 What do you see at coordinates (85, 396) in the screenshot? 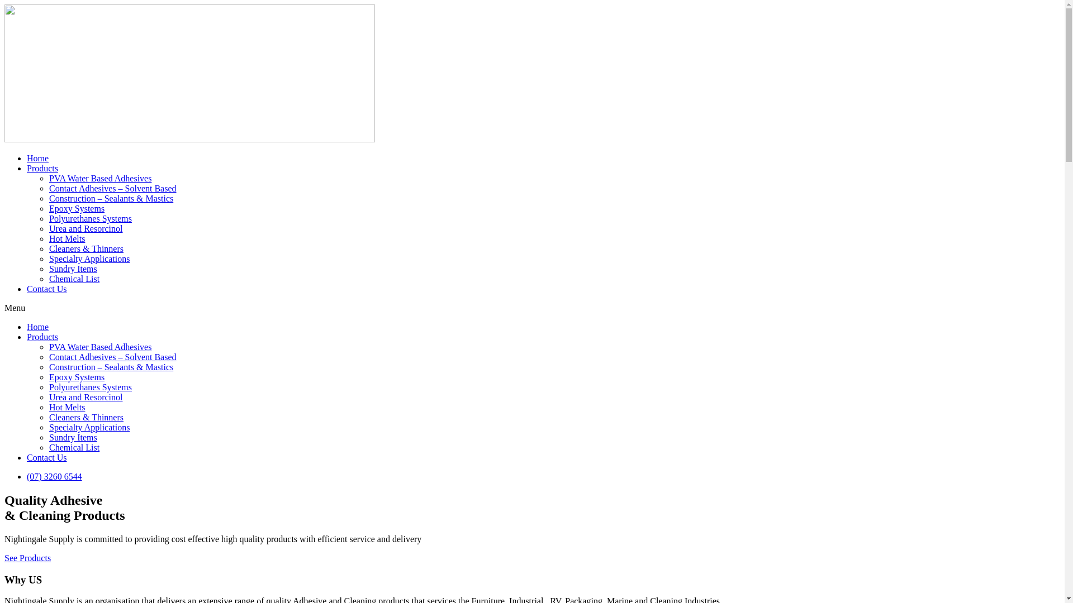
I see `'Urea and Resorcinol'` at bounding box center [85, 396].